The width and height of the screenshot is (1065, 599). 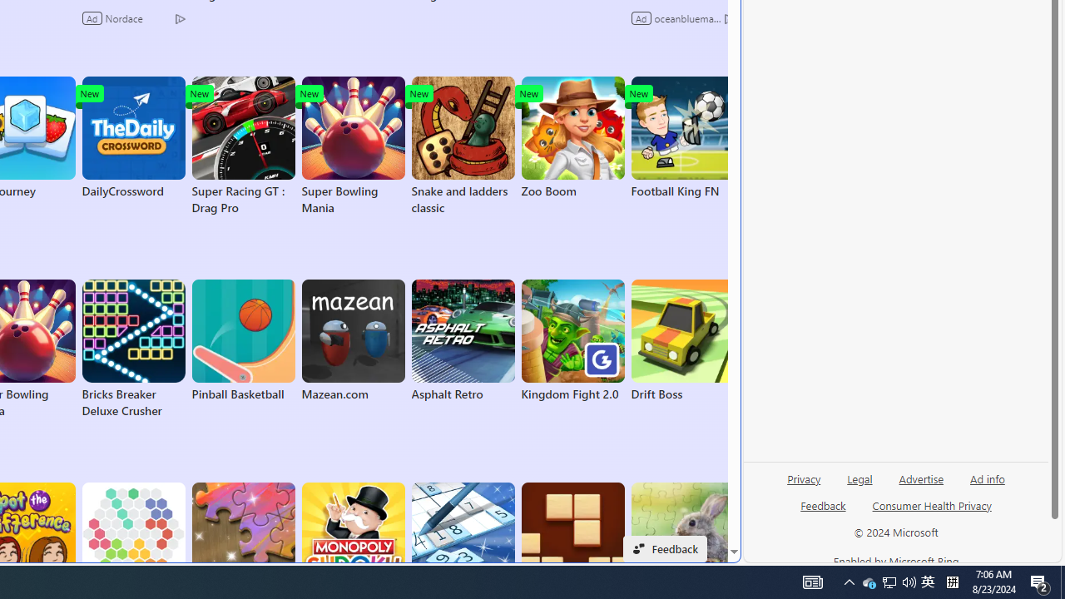 I want to click on 'DailyCrossword', so click(x=133, y=136).